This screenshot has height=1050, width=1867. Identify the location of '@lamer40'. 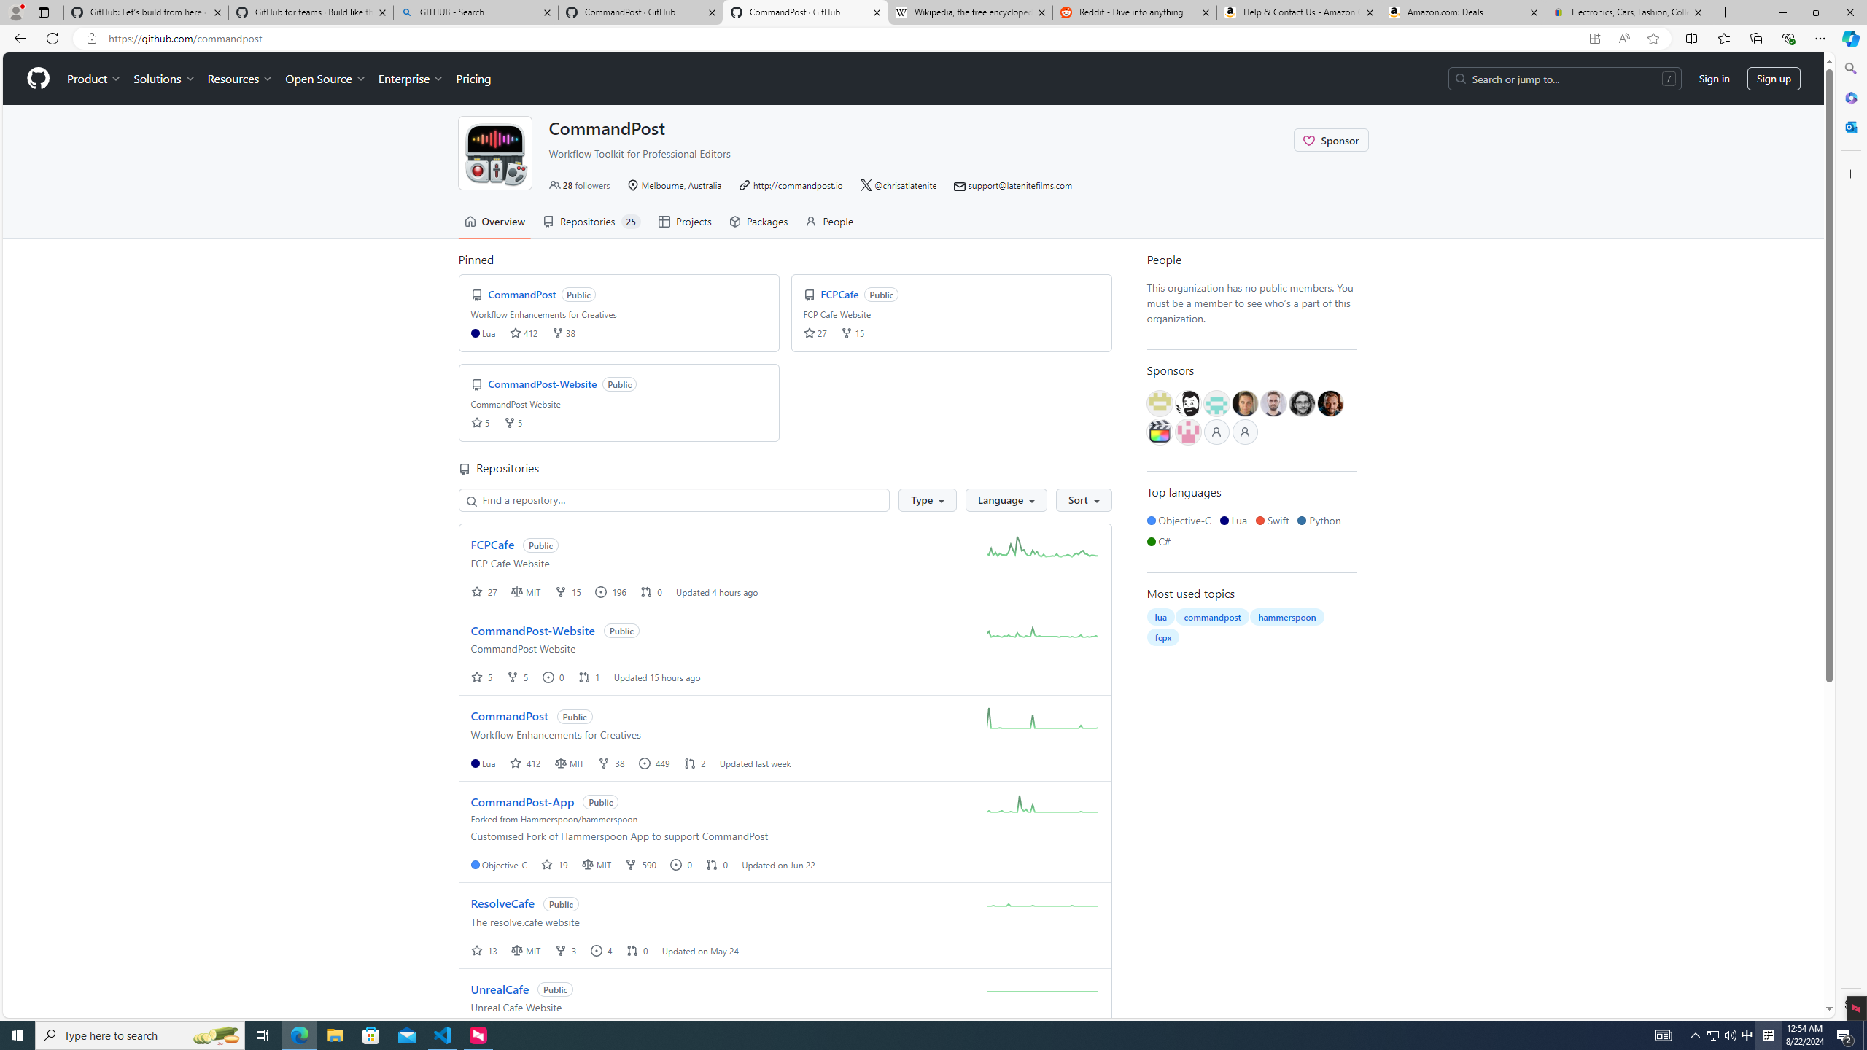
(1245, 402).